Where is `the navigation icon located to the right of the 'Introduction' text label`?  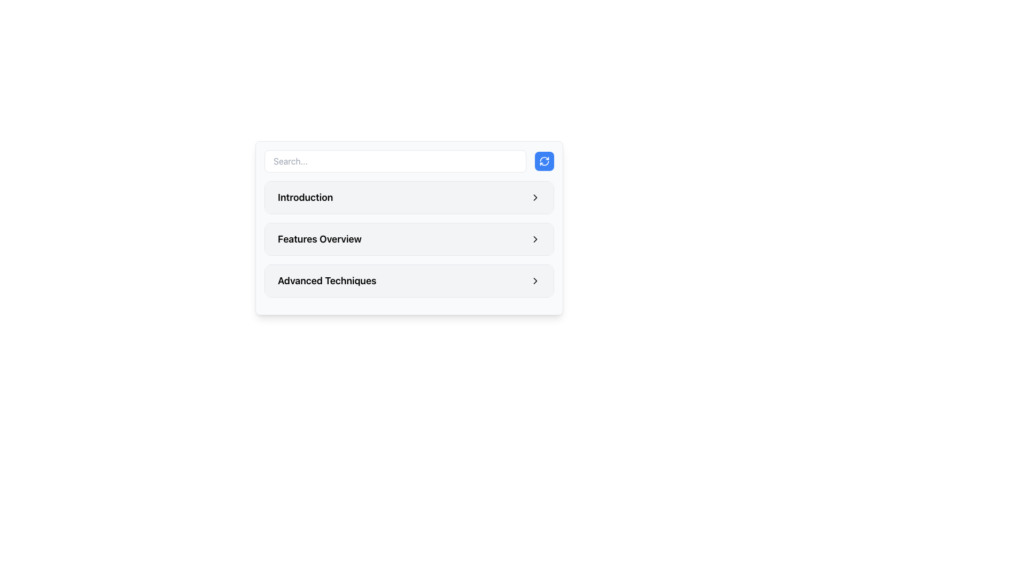 the navigation icon located to the right of the 'Introduction' text label is located at coordinates (535, 198).